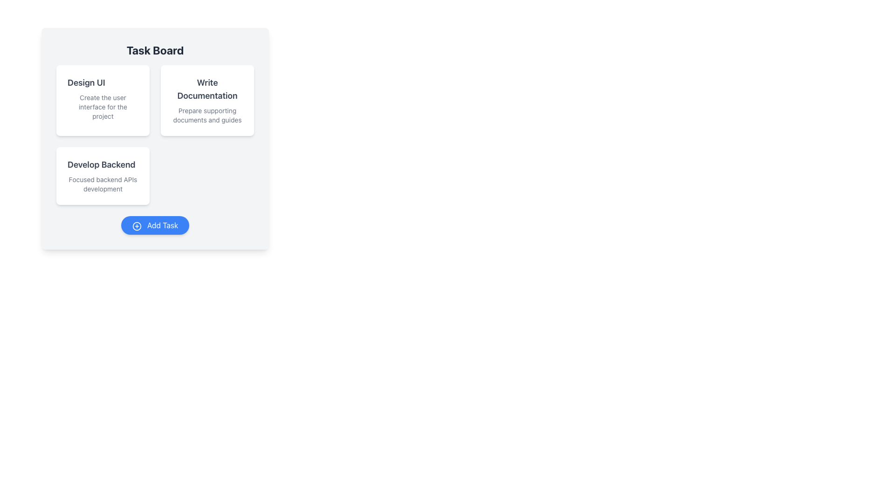 The width and height of the screenshot is (895, 503). Describe the element at coordinates (207, 115) in the screenshot. I see `the text label displaying 'Prepare supporting documents and guides' located within the 'Write Documentation' card in the Task Board interface` at that location.